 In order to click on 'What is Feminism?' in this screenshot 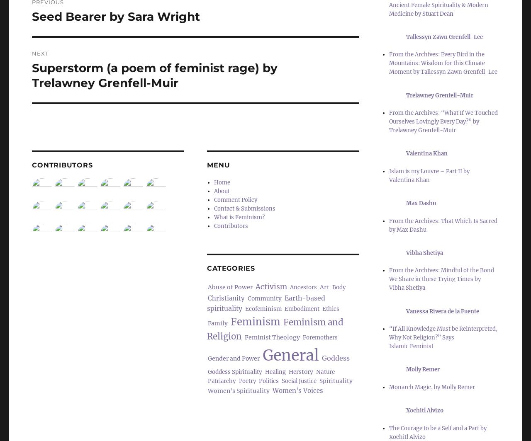, I will do `click(239, 217)`.